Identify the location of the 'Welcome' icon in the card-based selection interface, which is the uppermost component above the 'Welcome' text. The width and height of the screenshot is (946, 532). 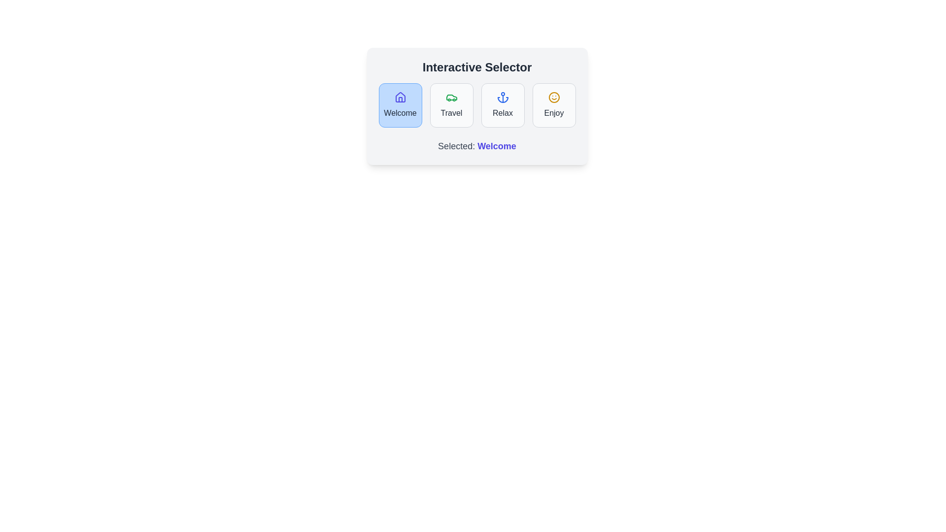
(400, 97).